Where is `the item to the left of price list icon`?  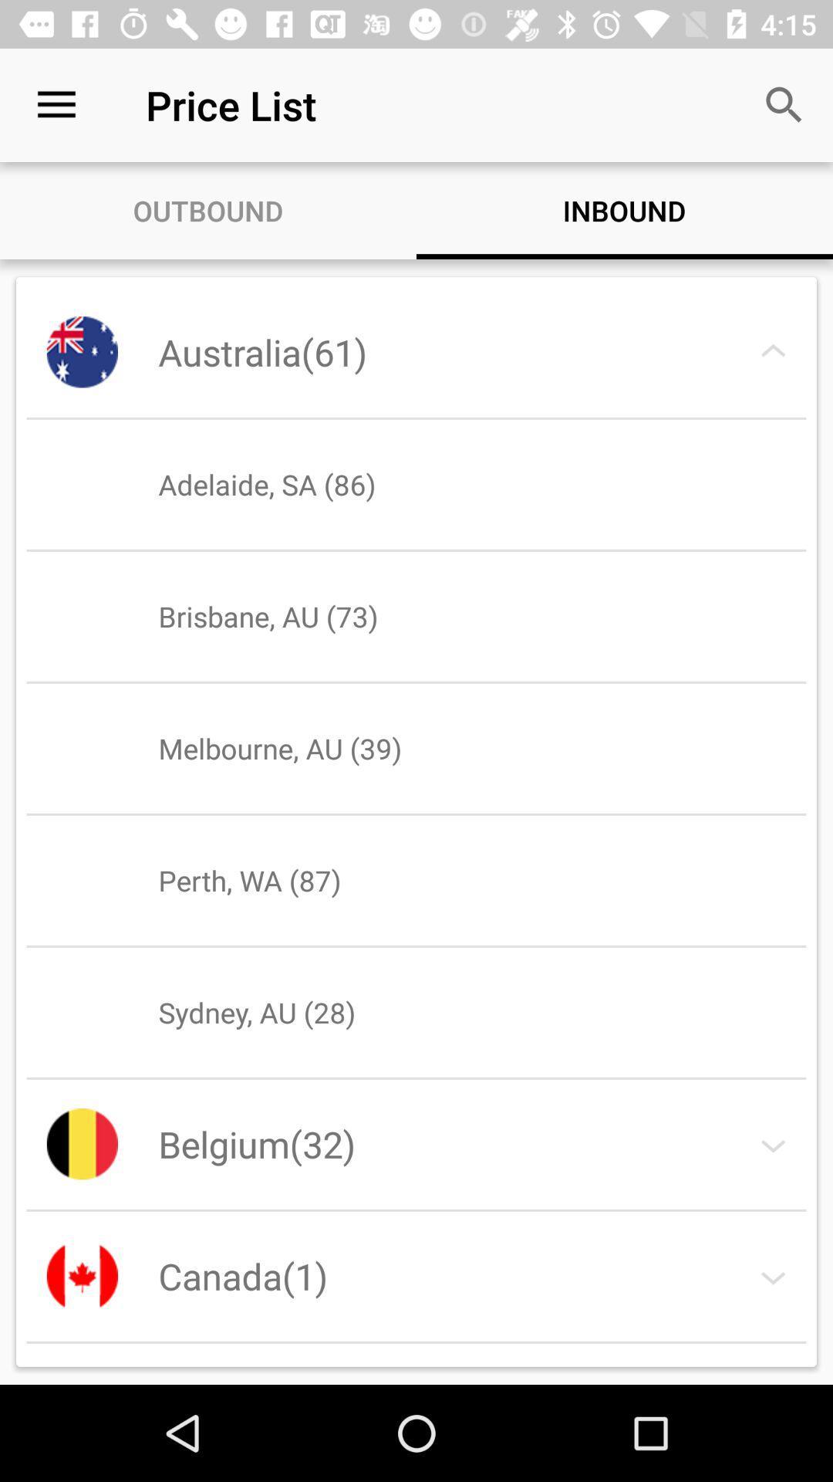 the item to the left of price list icon is located at coordinates (56, 104).